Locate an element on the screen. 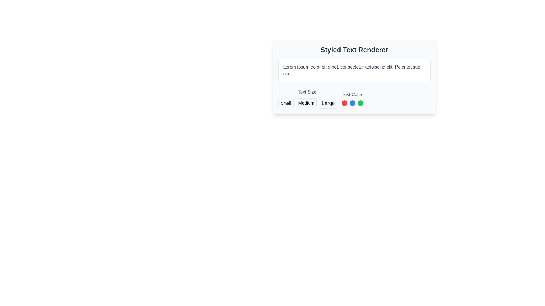  the 'Large' text size selection button, which is the third button in a horizontal row under the 'Text Size:' label, to observe any additional state changes is located at coordinates (328, 103).